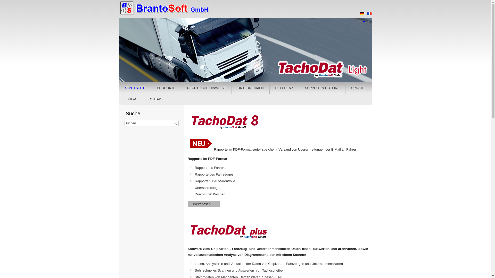  Describe the element at coordinates (369, 13) in the screenshot. I see `'French'` at that location.